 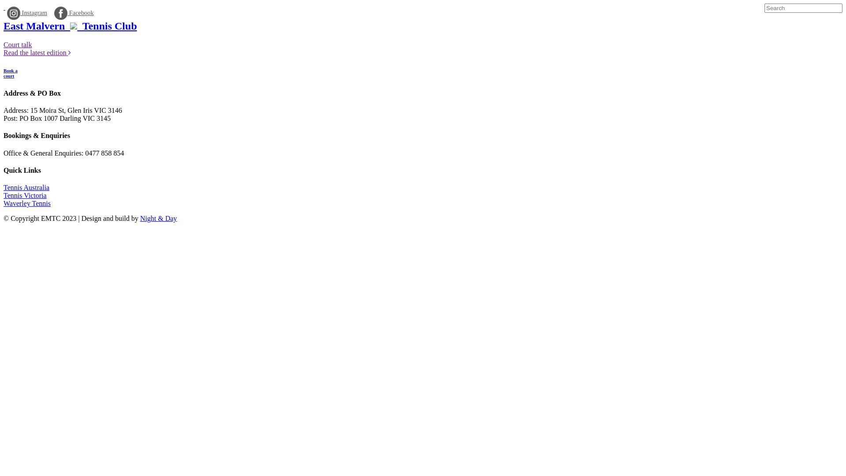 I want to click on 'Tennis Victoria', so click(x=4, y=195).